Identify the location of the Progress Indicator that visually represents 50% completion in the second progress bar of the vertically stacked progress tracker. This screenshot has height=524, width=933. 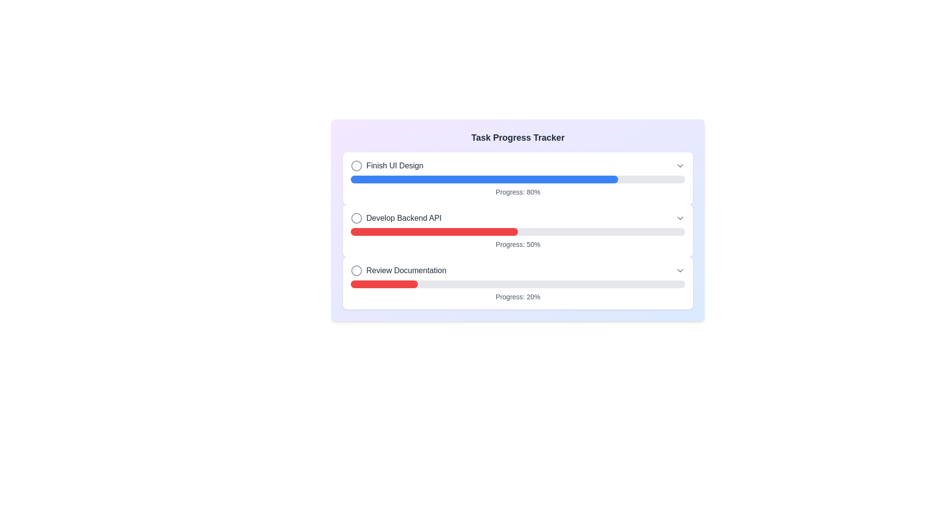
(433, 232).